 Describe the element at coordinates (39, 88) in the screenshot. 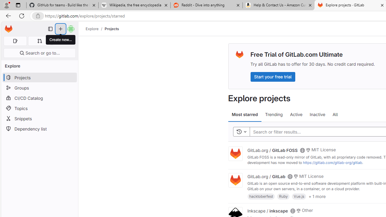

I see `'Groups'` at that location.